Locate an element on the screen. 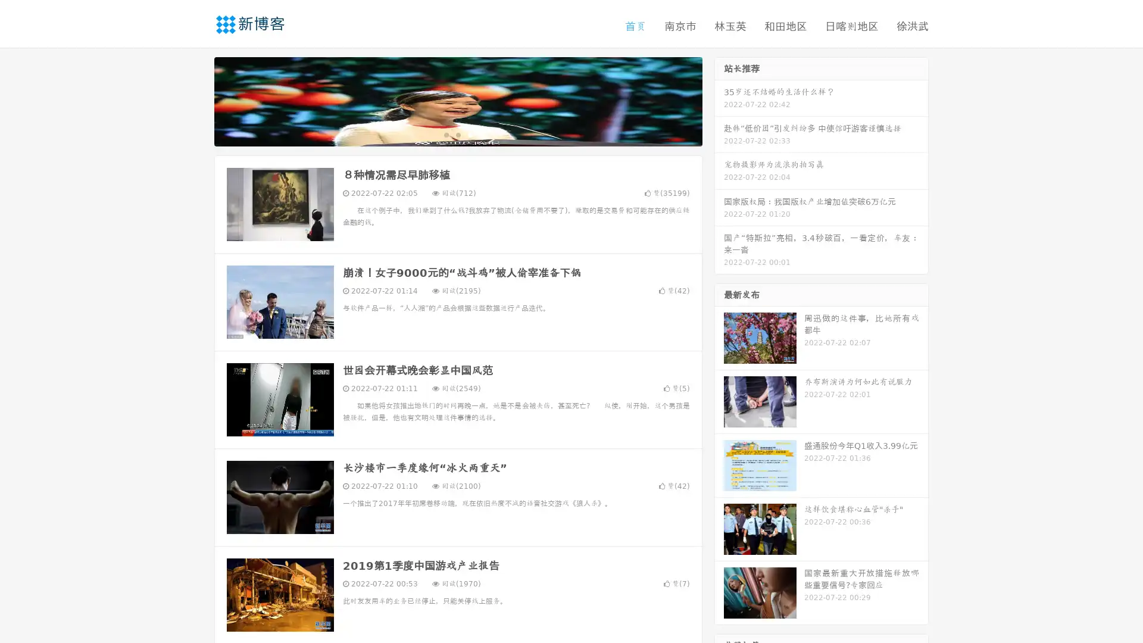  Previous slide is located at coordinates (196, 100).